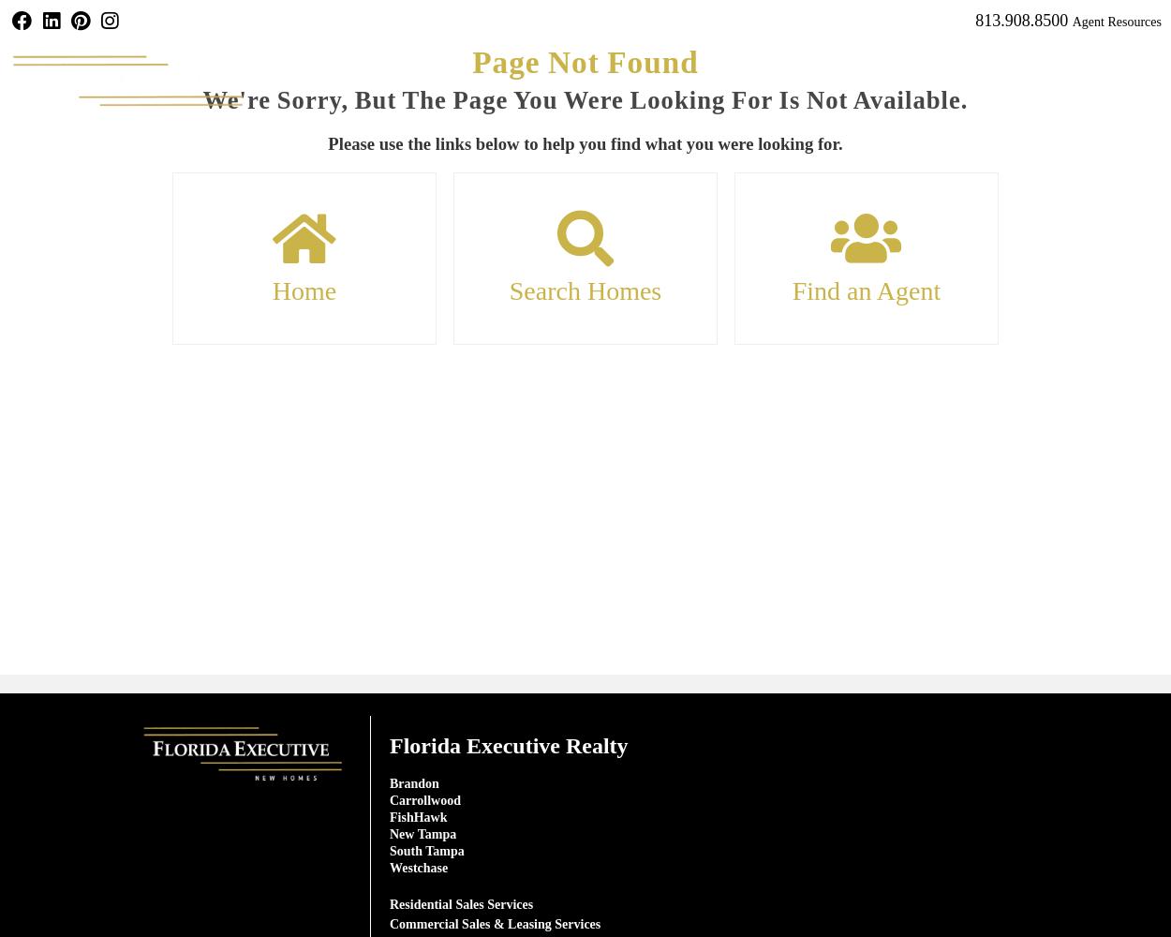 Image resolution: width=1171 pixels, height=937 pixels. Describe the element at coordinates (417, 867) in the screenshot. I see `'Westchase'` at that location.